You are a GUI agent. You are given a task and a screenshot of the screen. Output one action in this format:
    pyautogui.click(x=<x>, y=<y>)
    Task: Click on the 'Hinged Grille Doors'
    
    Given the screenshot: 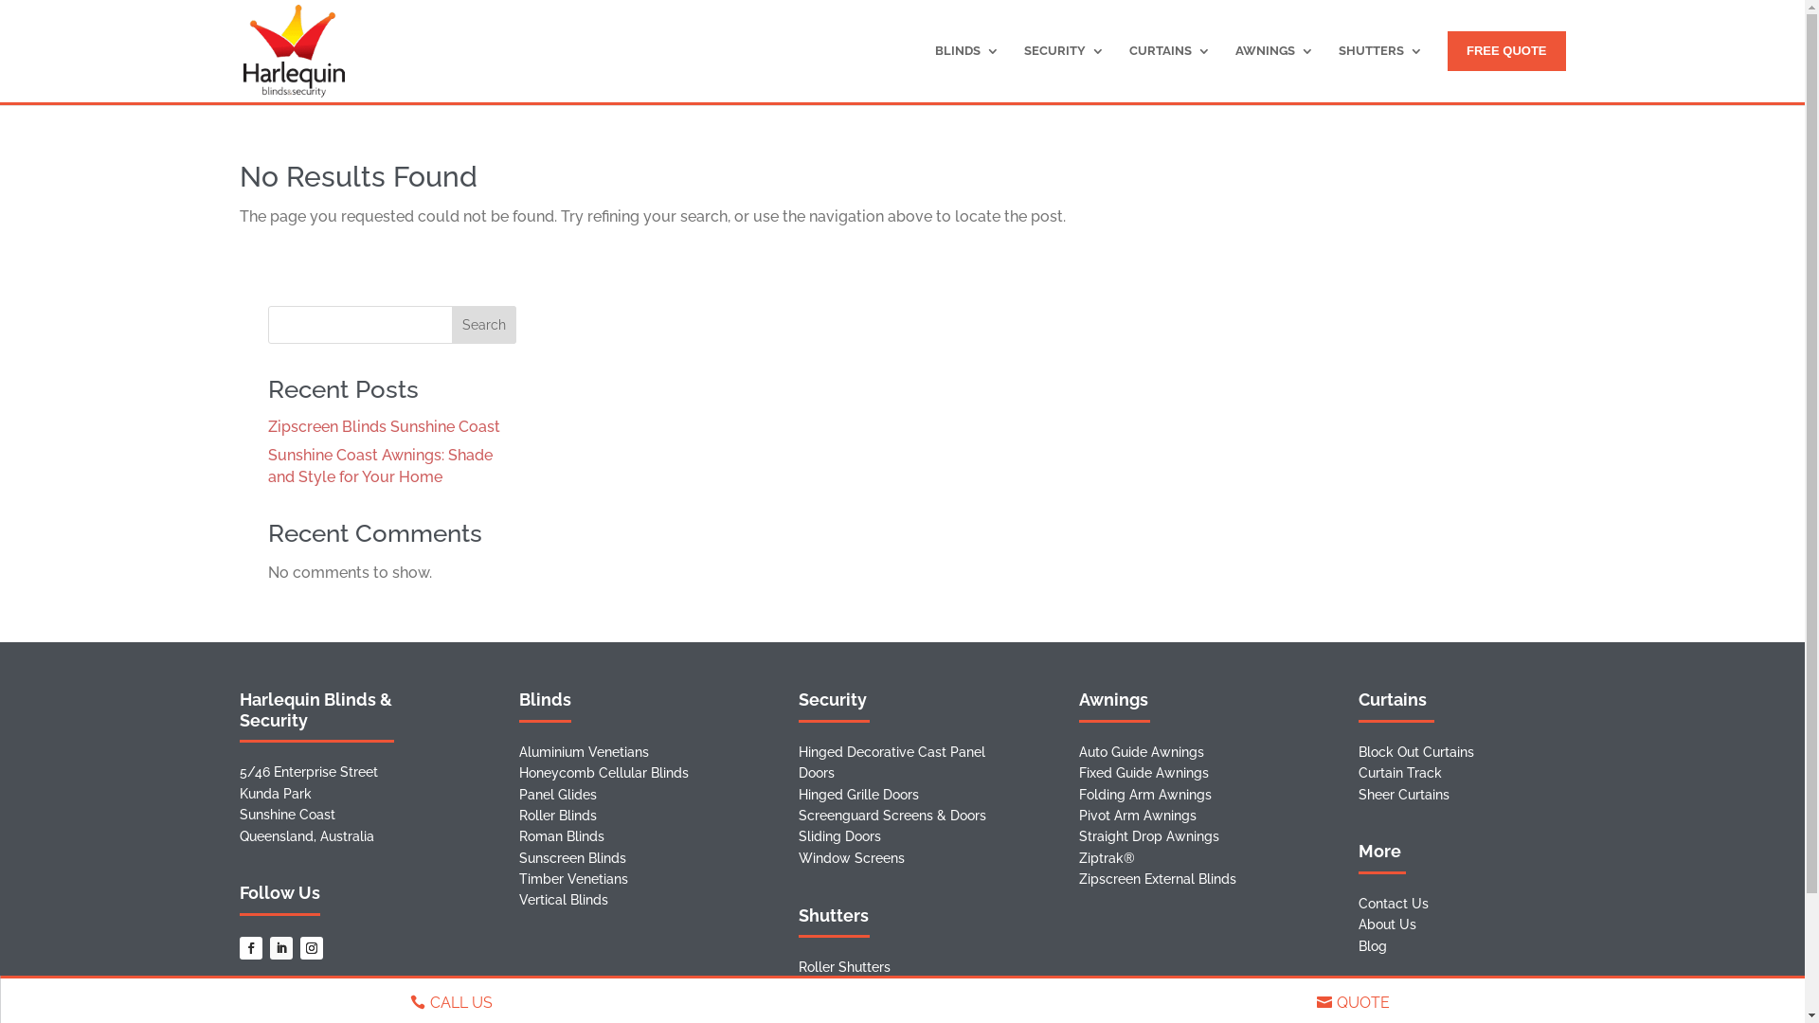 What is the action you would take?
    pyautogui.click(x=857, y=795)
    